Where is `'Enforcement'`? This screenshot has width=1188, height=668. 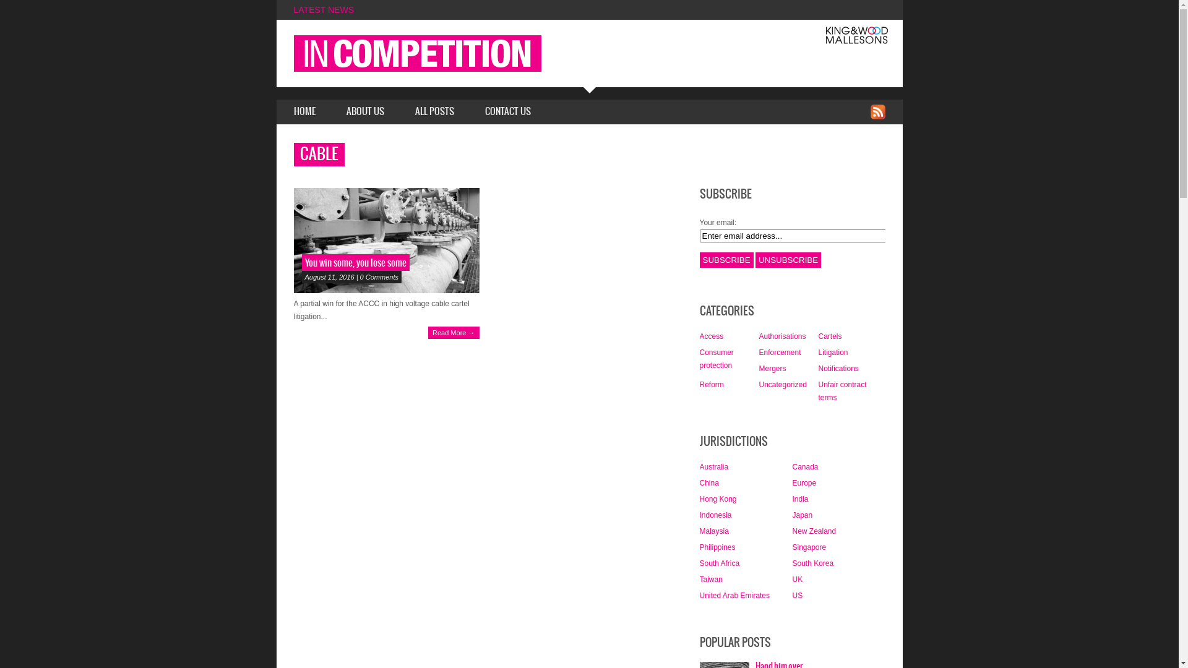
'Enforcement' is located at coordinates (778, 353).